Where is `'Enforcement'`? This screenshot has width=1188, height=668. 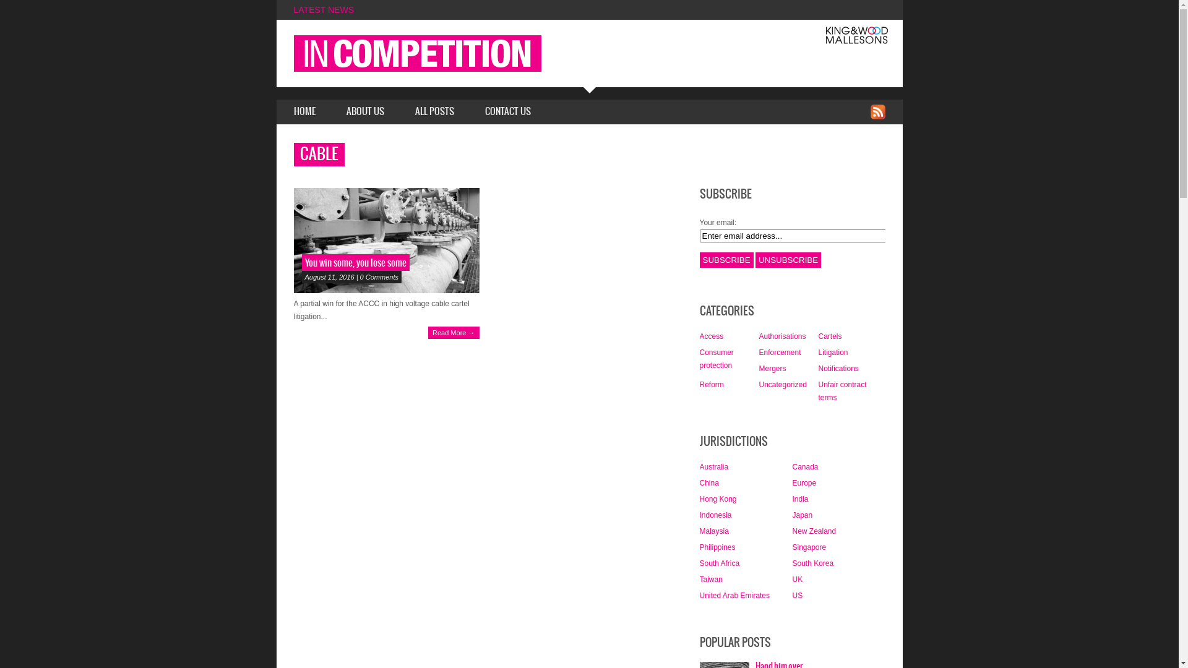
'Enforcement' is located at coordinates (778, 353).